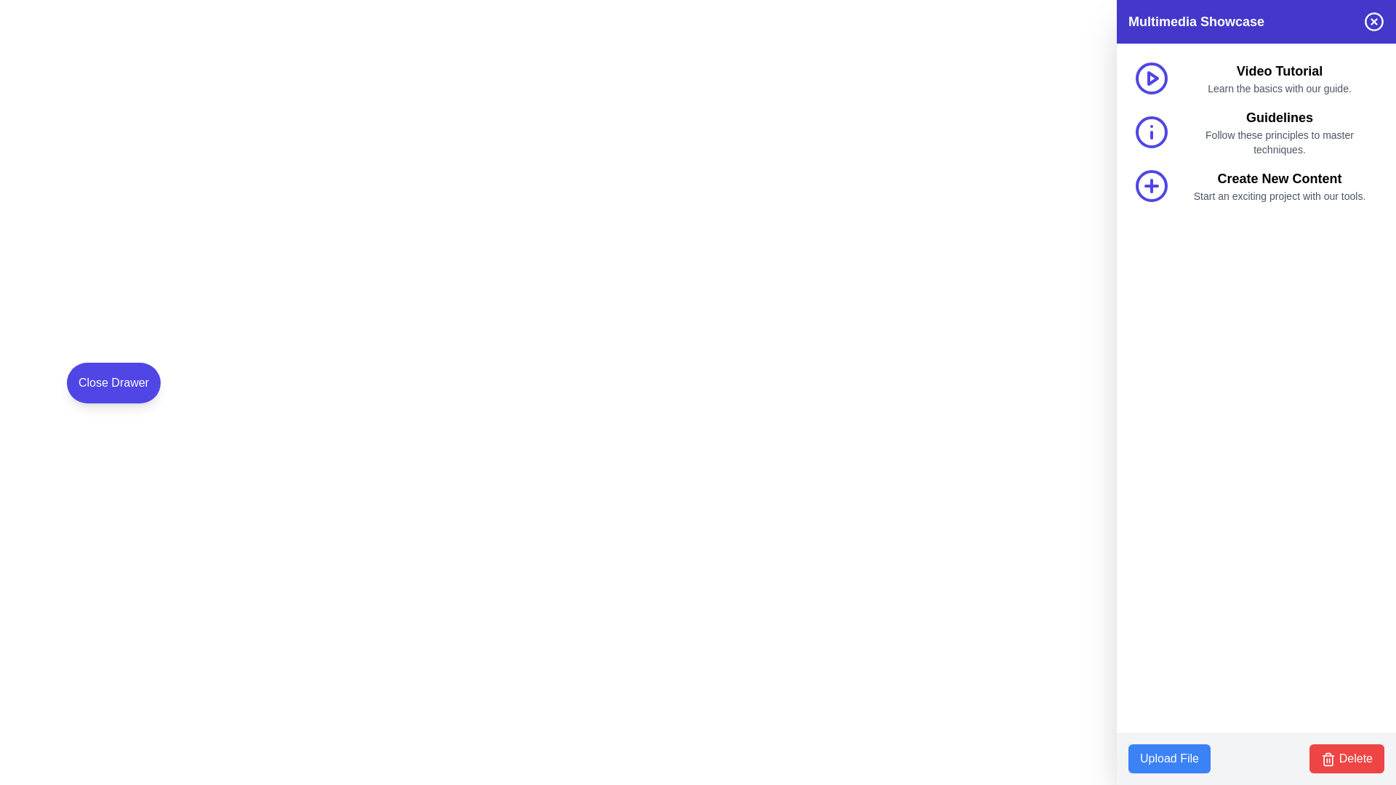  Describe the element at coordinates (1151, 78) in the screenshot. I see `the play button located at the top-left of the vertical layout, associated with the text 'Video Tutorial'` at that location.